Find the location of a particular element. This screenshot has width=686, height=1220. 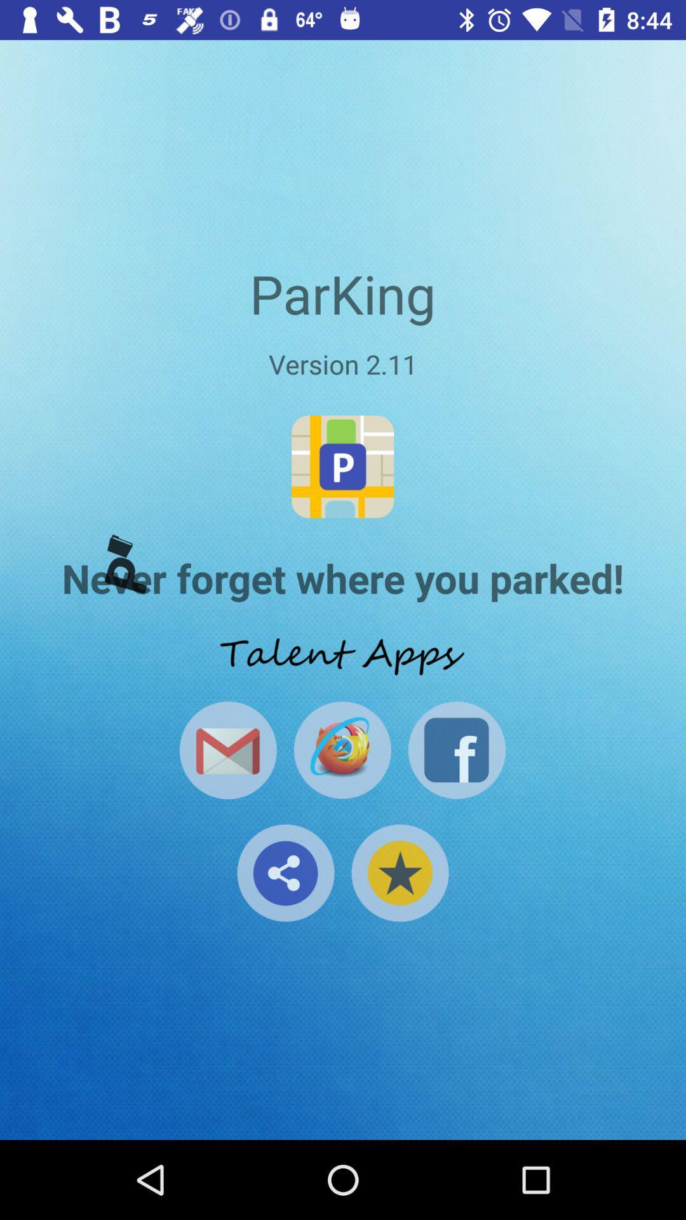

share to facebook is located at coordinates (456, 750).